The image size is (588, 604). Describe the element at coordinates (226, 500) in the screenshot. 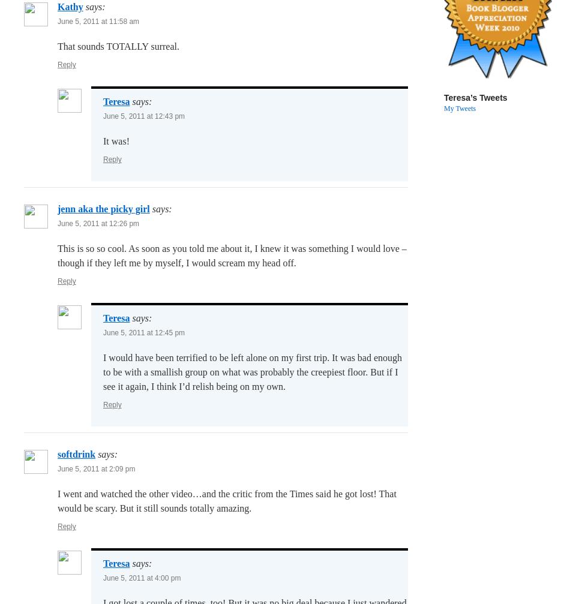

I see `'I went and watched the other video…and the critic from the Times said he got lost! That would be scary. But it still sounds totally amazing.'` at that location.